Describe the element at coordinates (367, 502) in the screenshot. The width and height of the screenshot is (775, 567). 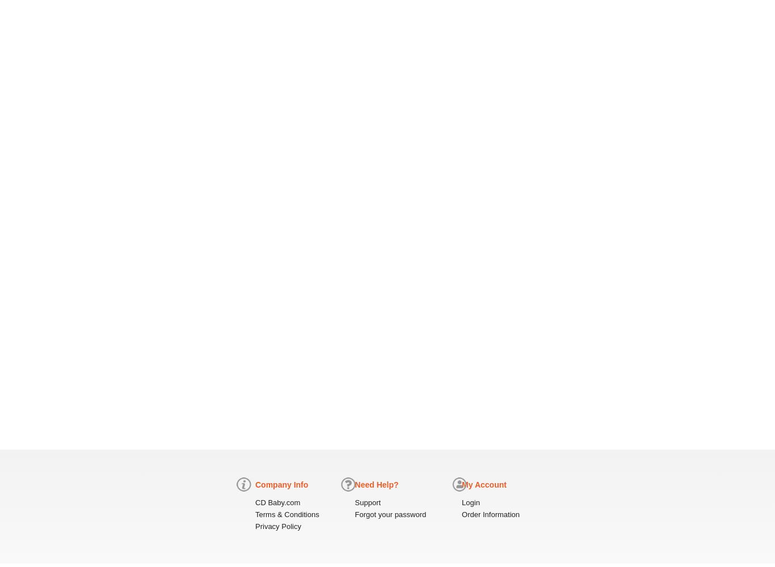
I see `'Support'` at that location.